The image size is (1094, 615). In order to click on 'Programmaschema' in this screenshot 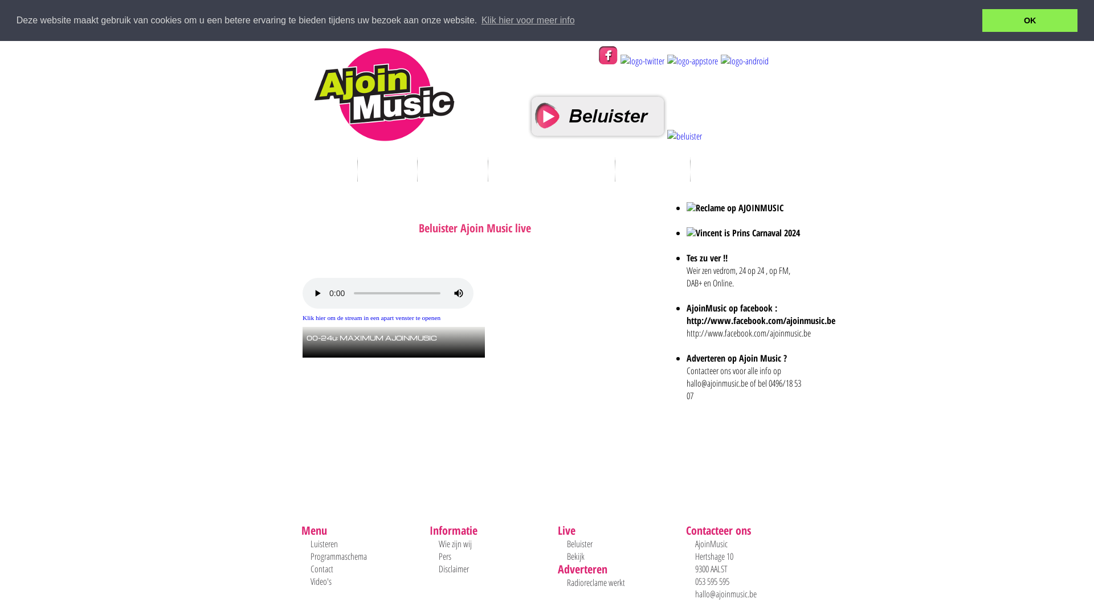, I will do `click(311, 555)`.